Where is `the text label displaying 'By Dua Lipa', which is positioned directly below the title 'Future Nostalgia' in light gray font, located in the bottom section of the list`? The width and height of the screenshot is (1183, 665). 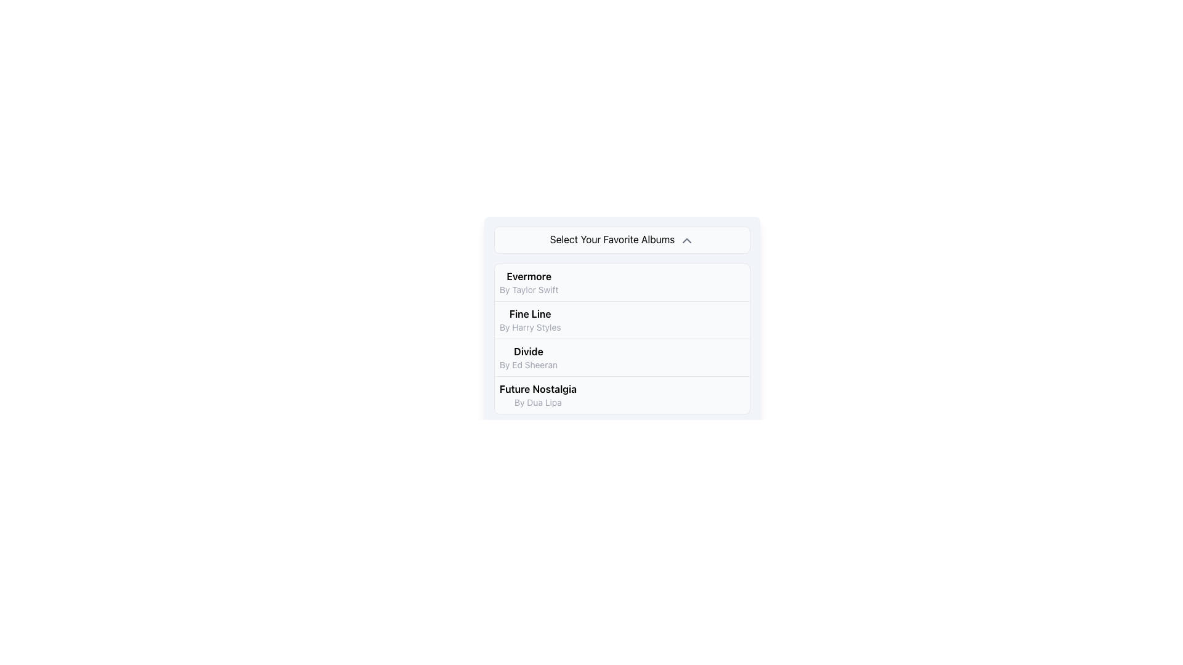 the text label displaying 'By Dua Lipa', which is positioned directly below the title 'Future Nostalgia' in light gray font, located in the bottom section of the list is located at coordinates (538, 402).